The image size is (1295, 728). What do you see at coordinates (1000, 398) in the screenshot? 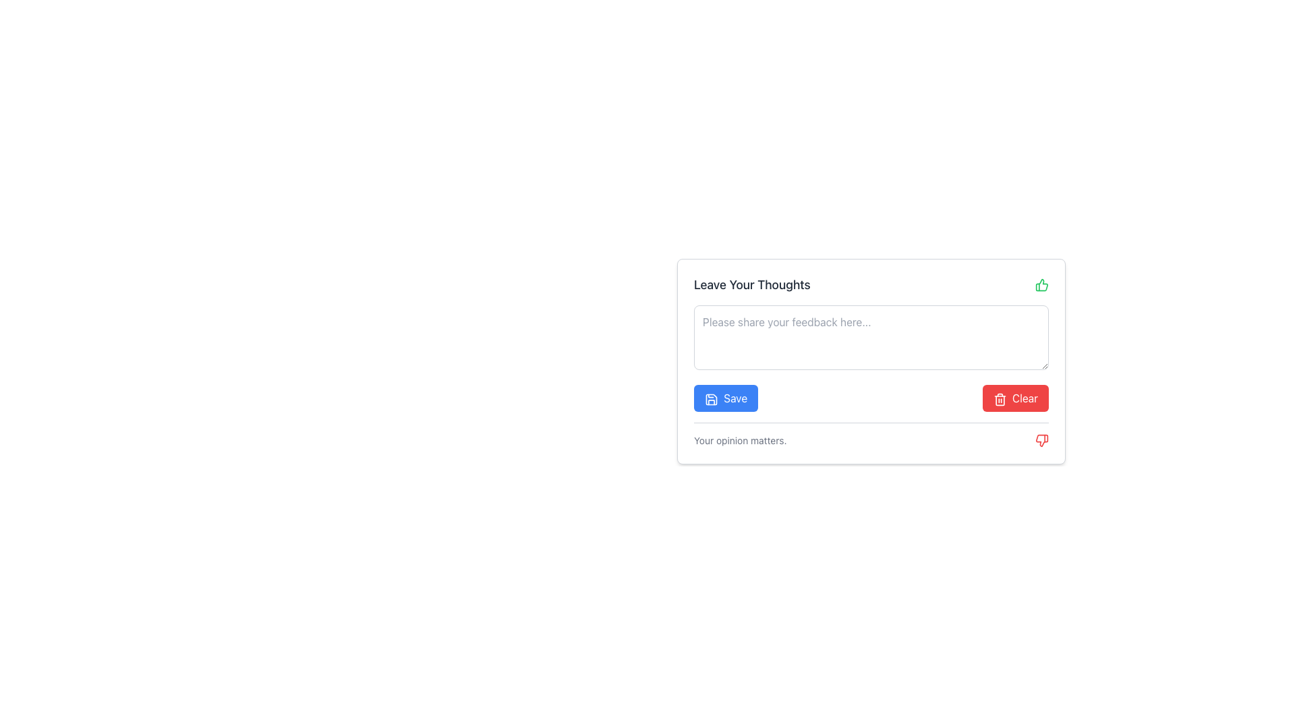
I see `the trashcan icon located to the left of the 'Clear' button, which is designed in a minimalistic line art style` at bounding box center [1000, 398].